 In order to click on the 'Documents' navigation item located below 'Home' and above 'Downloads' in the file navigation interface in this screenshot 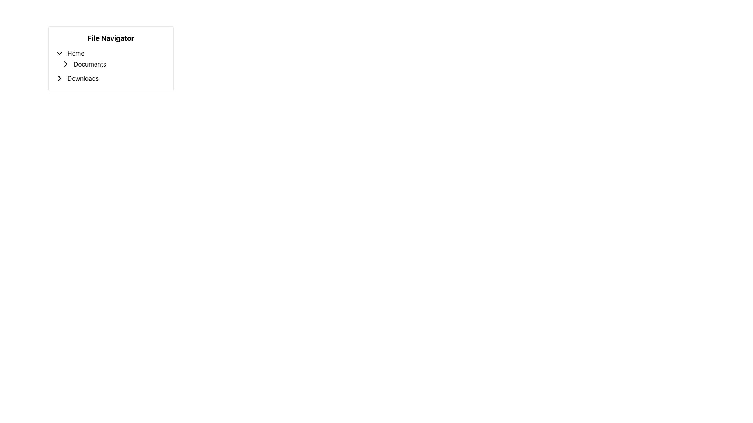, I will do `click(114, 64)`.